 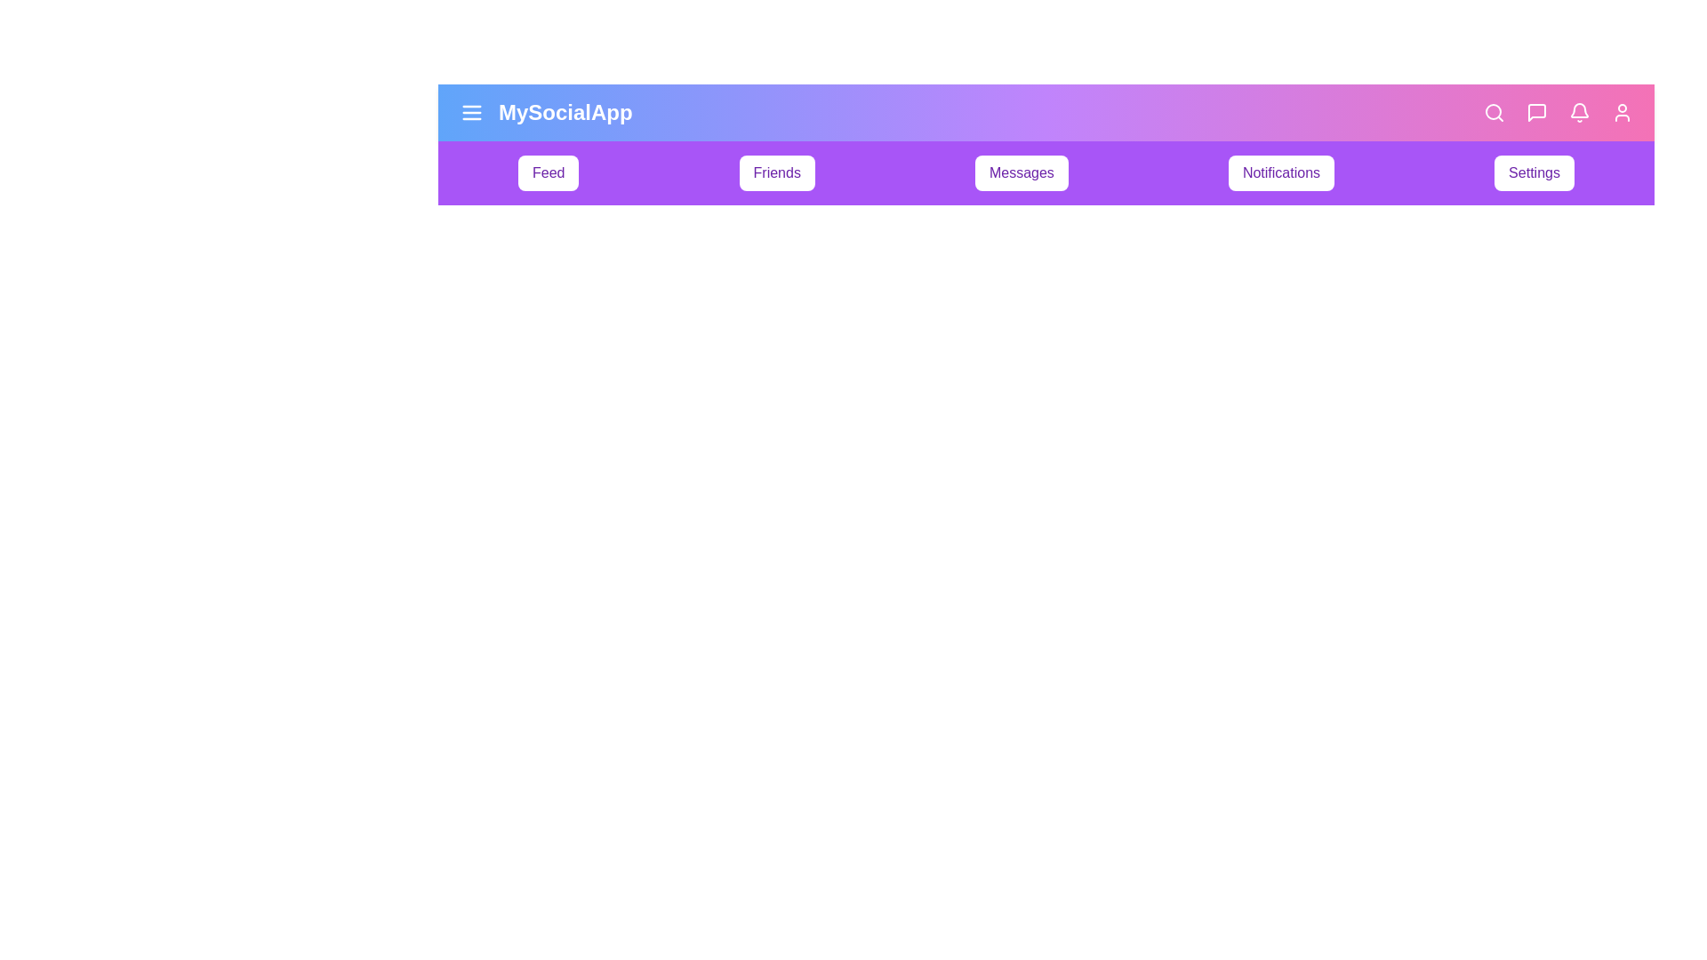 I want to click on the menu item Notifications to observe its hover effect, so click(x=1280, y=173).